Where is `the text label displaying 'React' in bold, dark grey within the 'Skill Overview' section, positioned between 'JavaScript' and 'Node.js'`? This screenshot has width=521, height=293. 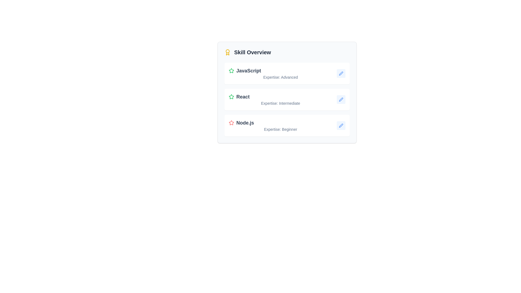 the text label displaying 'React' in bold, dark grey within the 'Skill Overview' section, positioned between 'JavaScript' and 'Node.js' is located at coordinates (243, 97).